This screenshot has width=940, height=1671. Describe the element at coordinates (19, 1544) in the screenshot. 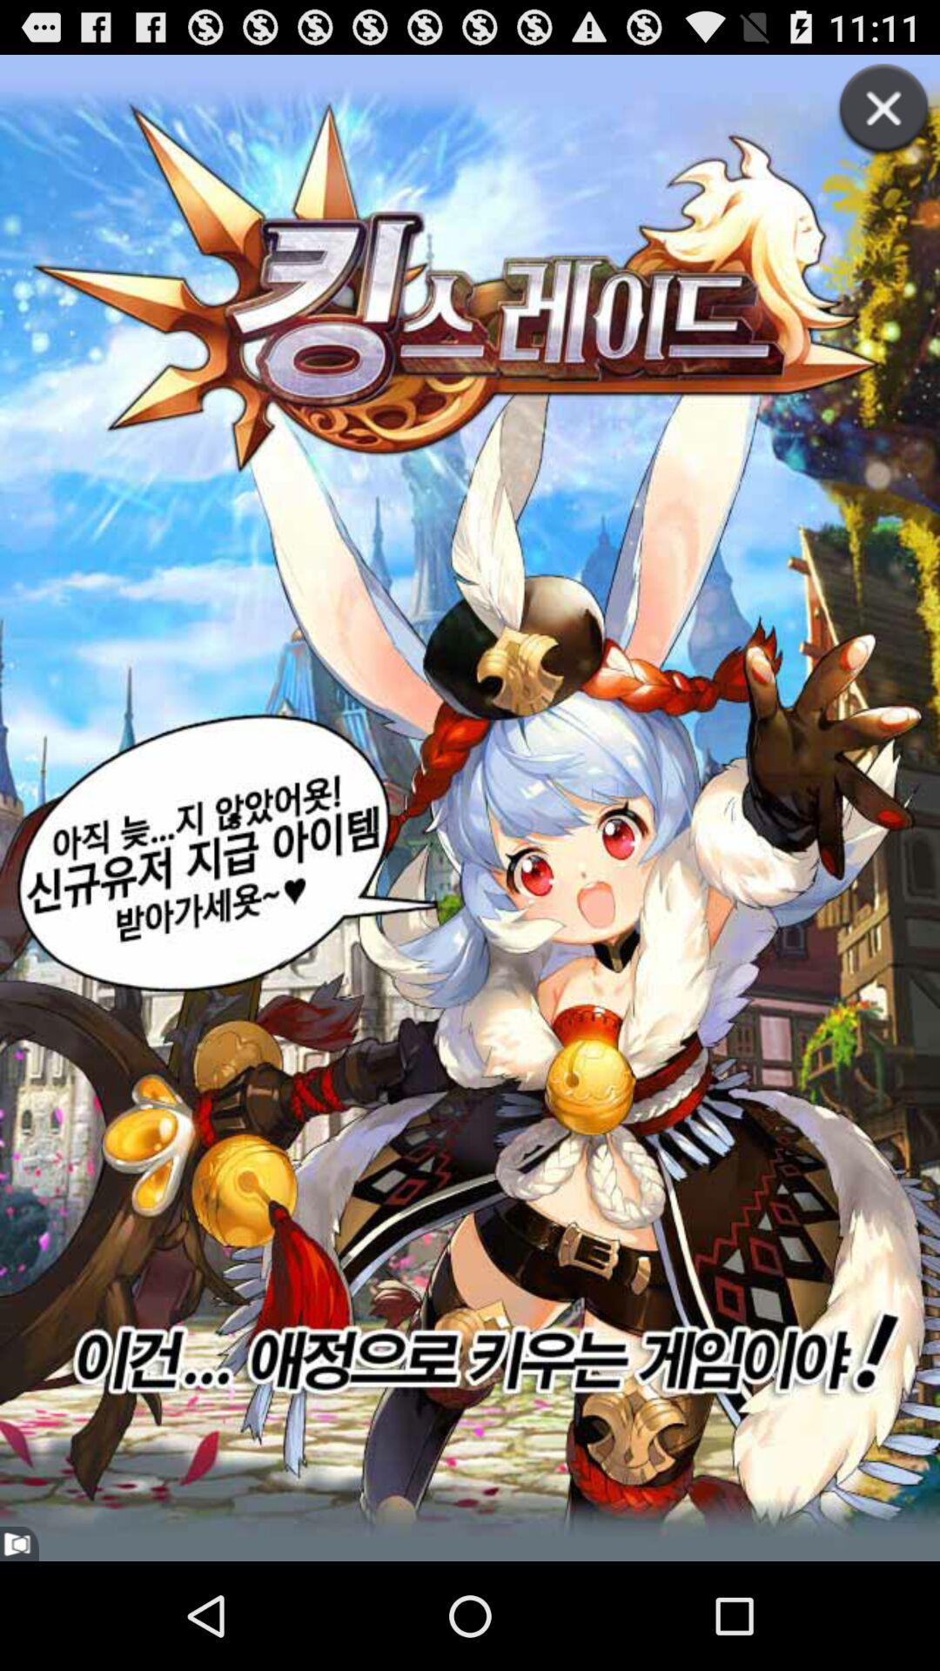

I see `item at the bottom left corner` at that location.